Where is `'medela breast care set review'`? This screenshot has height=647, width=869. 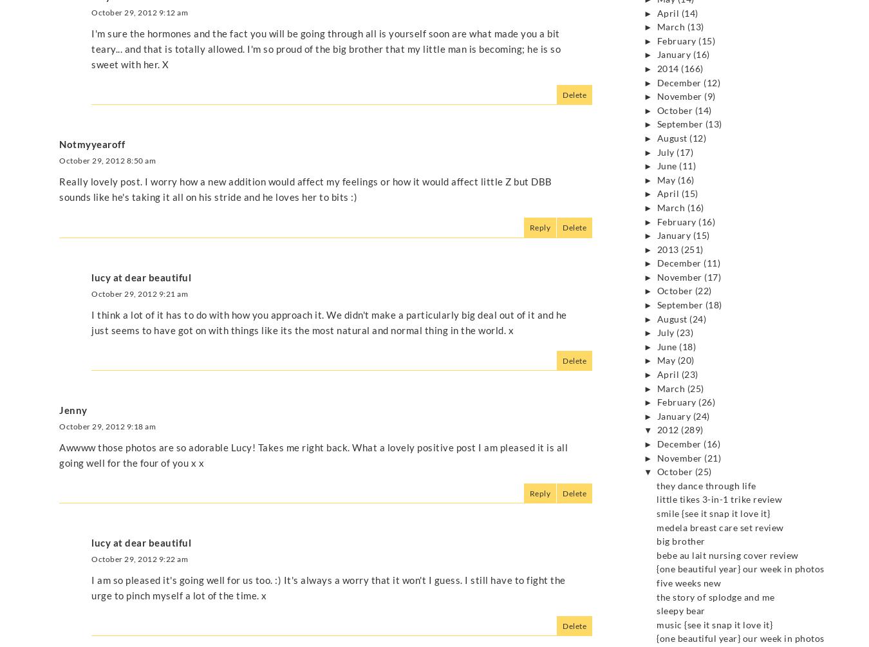 'medela breast care set review' is located at coordinates (657, 527).